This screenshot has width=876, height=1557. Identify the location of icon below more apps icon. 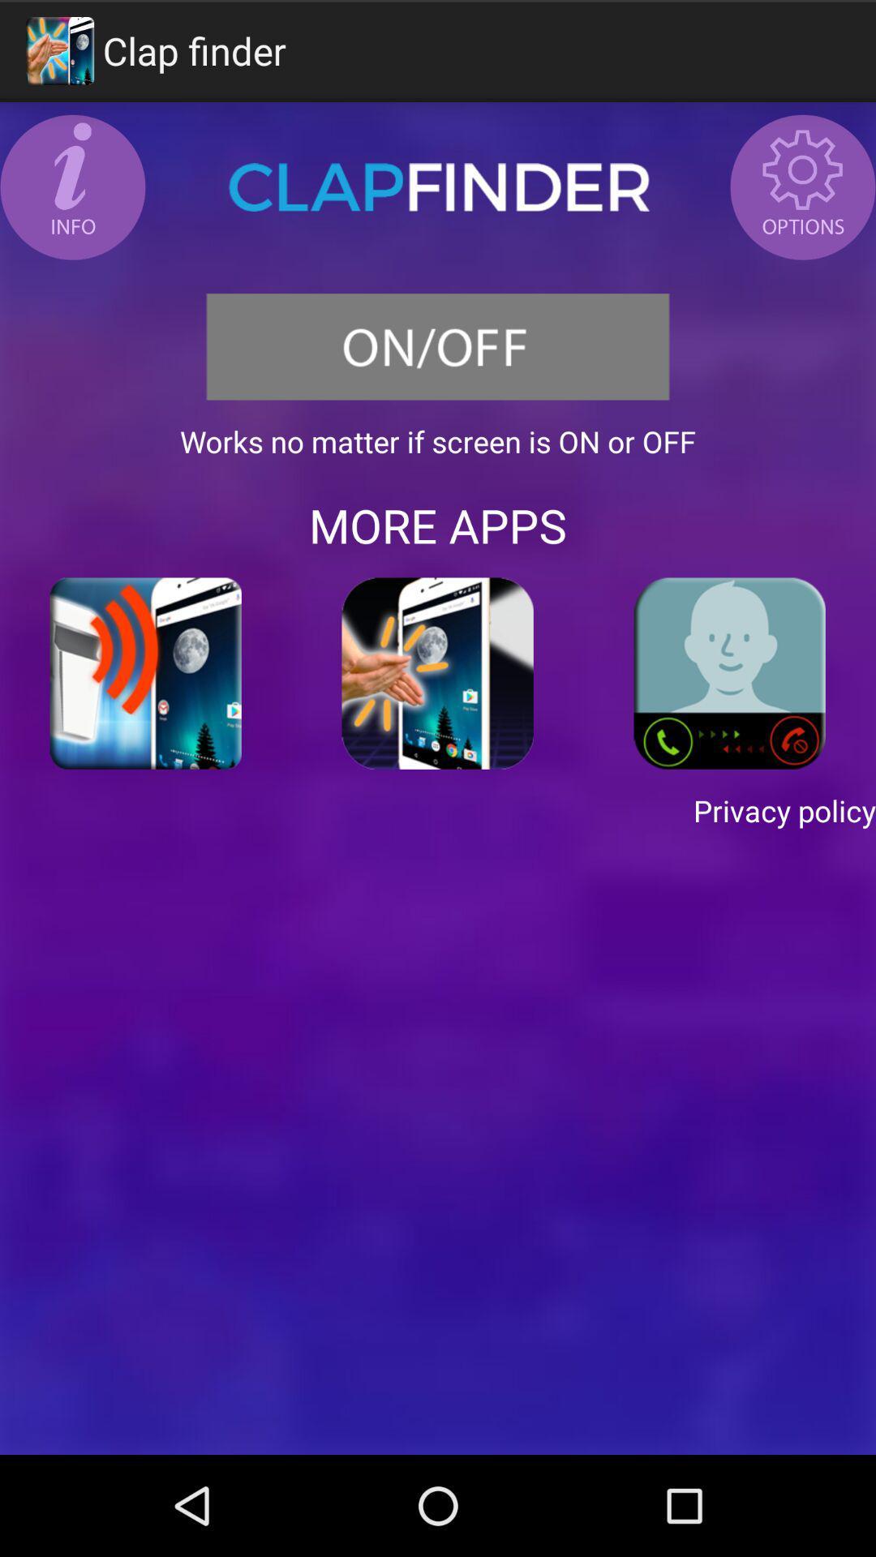
(146, 673).